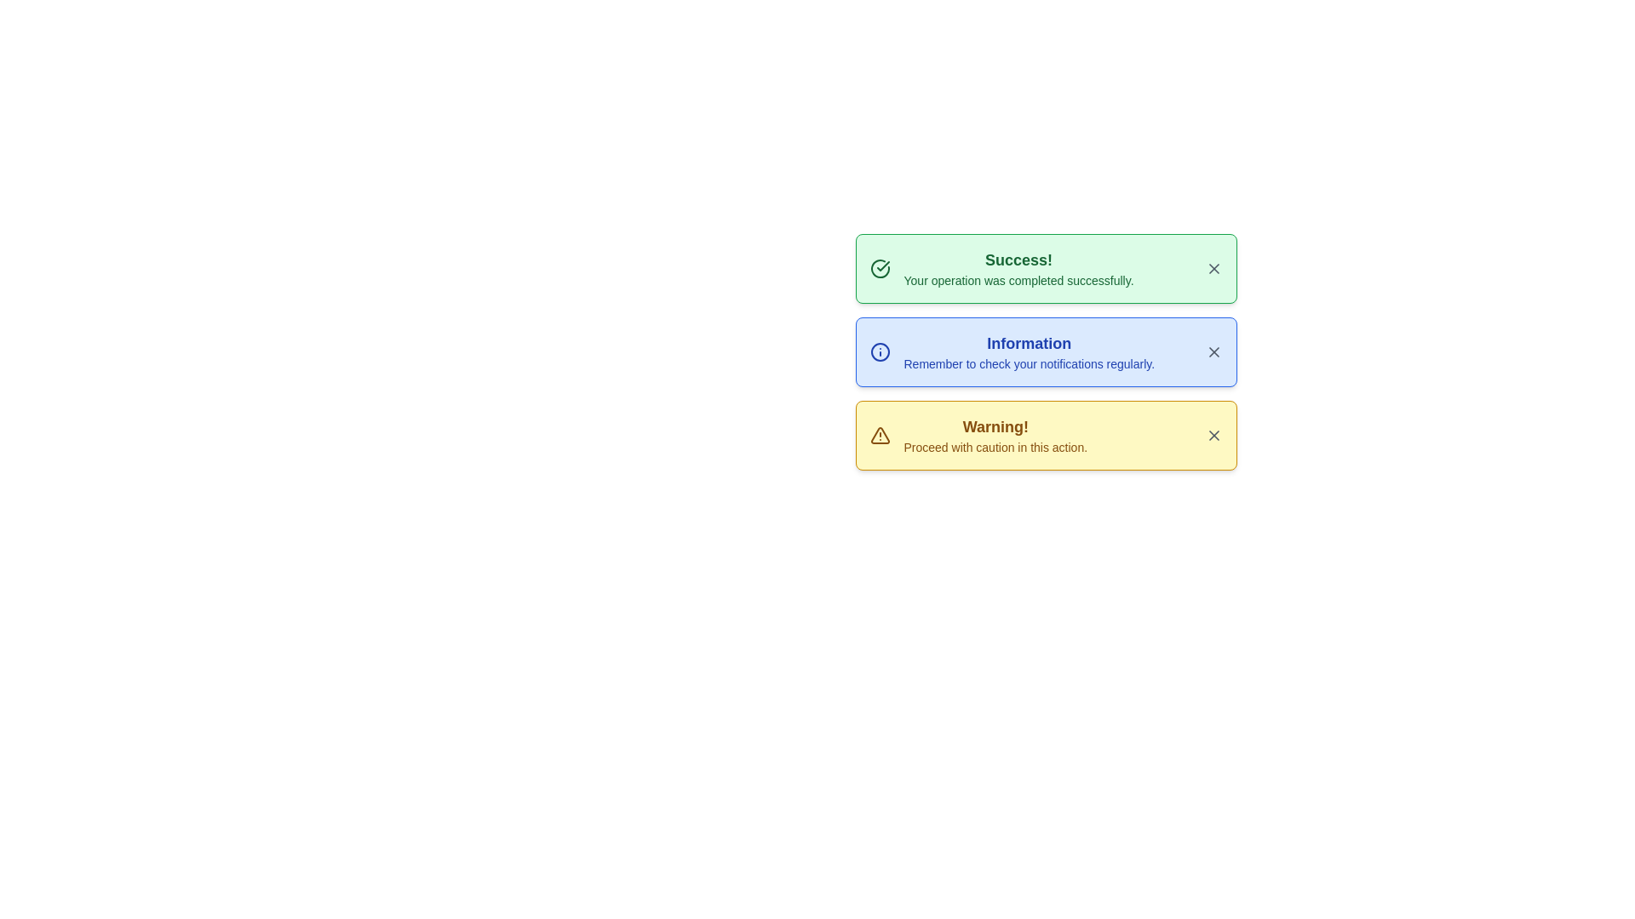 This screenshot has width=1635, height=919. Describe the element at coordinates (1045, 268) in the screenshot. I see `text from the Notification card, which is the first of three stacked notification cards located at the top, above the blue 'Information' card and the yellow 'Warning' card` at that location.